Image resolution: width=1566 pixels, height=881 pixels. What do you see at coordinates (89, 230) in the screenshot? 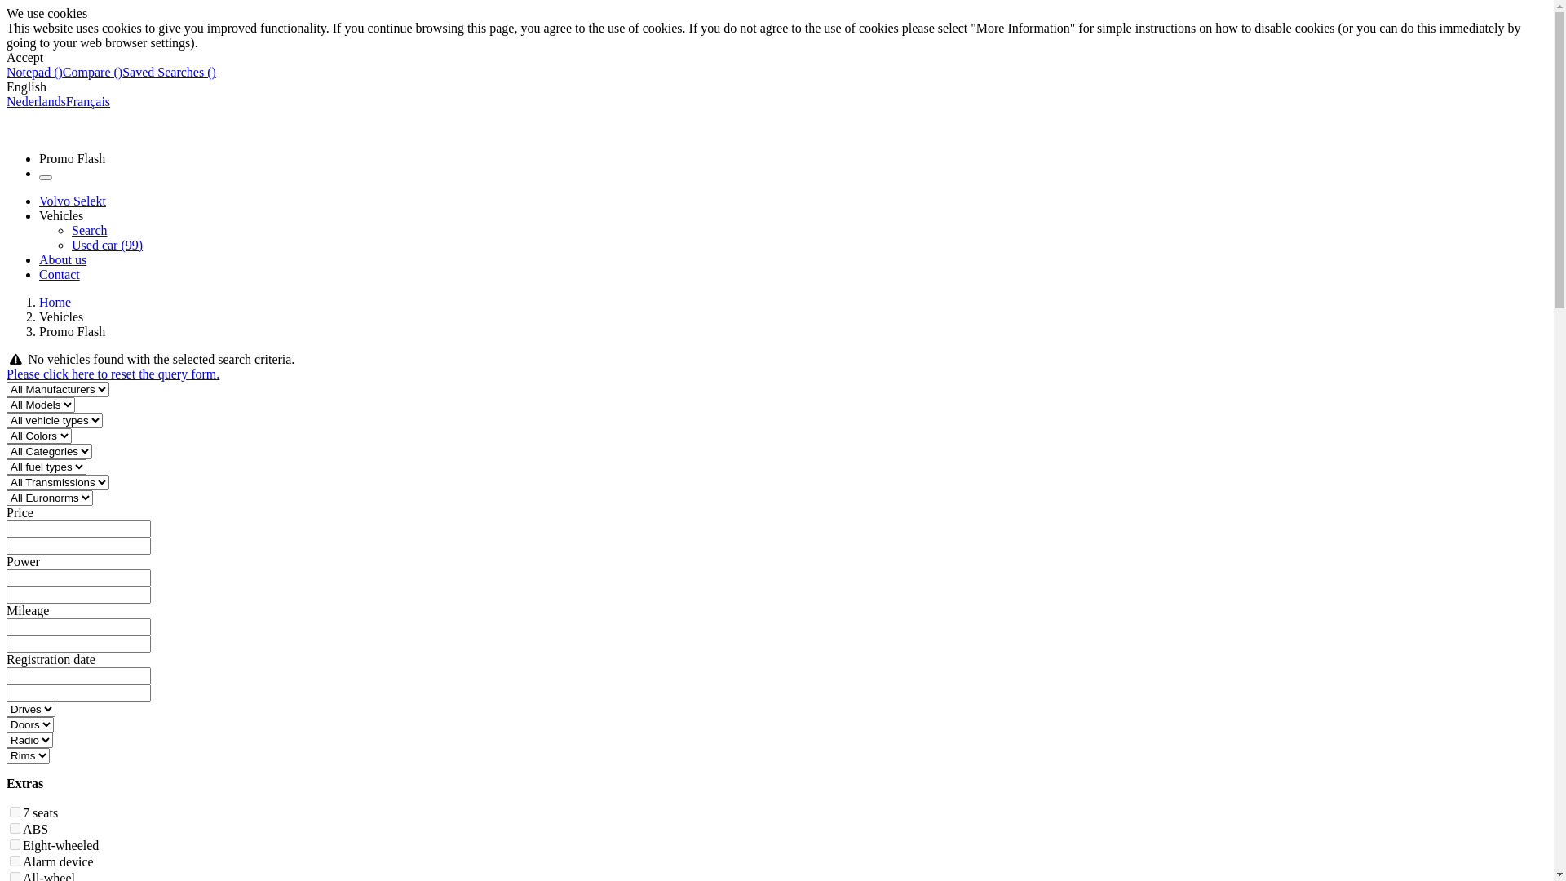
I see `'Search'` at bounding box center [89, 230].